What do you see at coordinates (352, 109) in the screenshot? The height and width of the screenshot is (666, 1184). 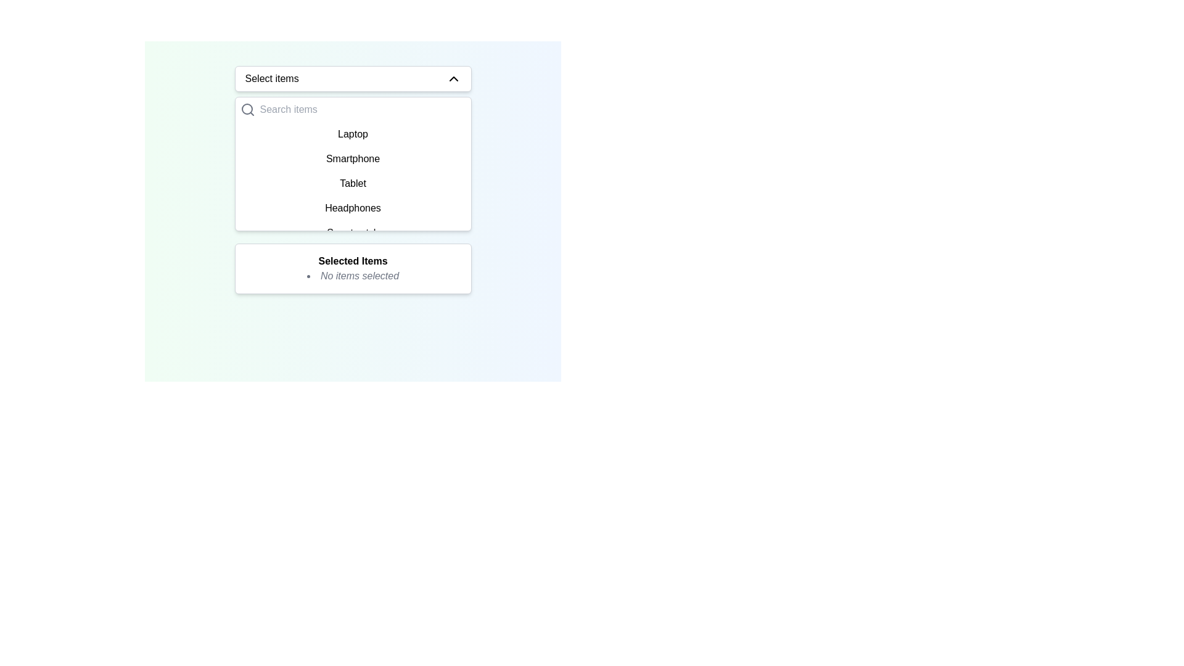 I see `the cursor across the text input field labeled 'Search items', which is located in the middle-top area of the dropdown pane under the 'Select items' button` at bounding box center [352, 109].